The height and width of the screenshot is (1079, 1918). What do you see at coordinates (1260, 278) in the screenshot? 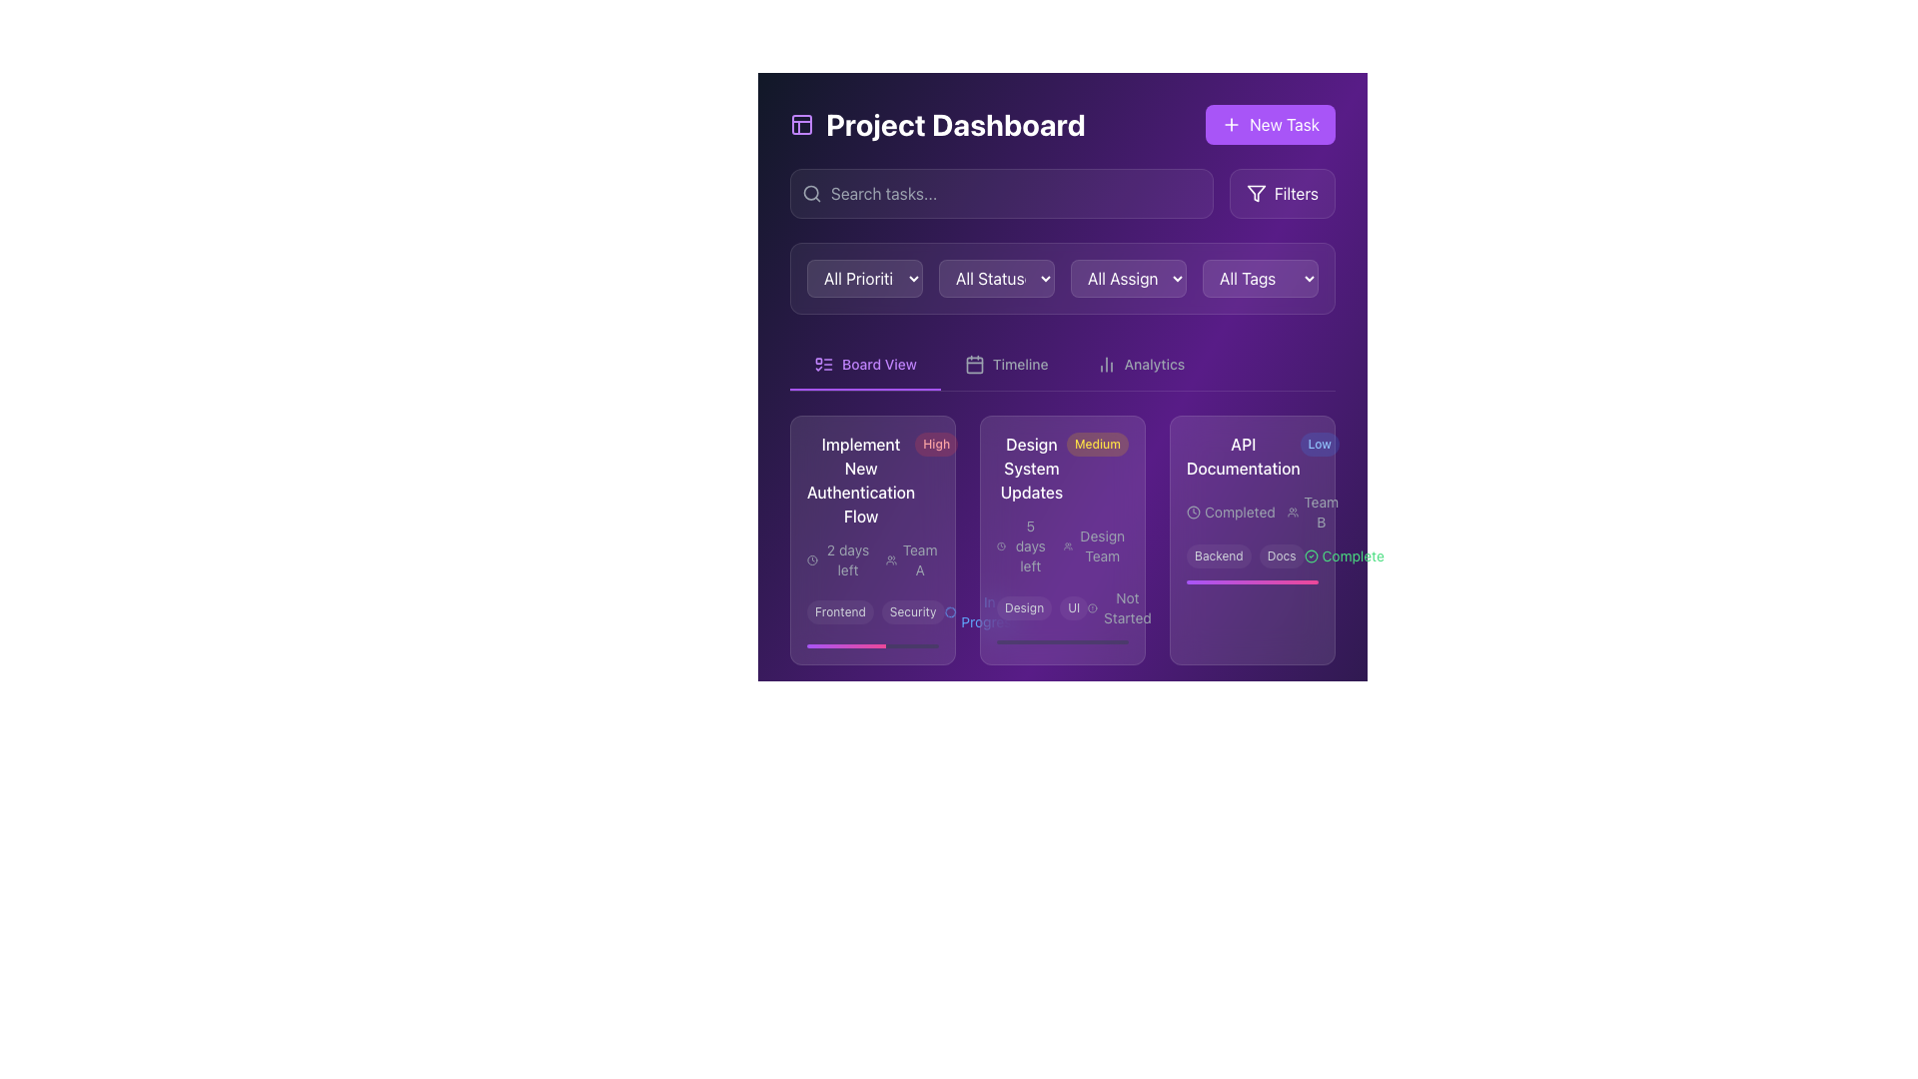
I see `the dropdown menu button located in the top-right corner of the grid layout` at bounding box center [1260, 278].